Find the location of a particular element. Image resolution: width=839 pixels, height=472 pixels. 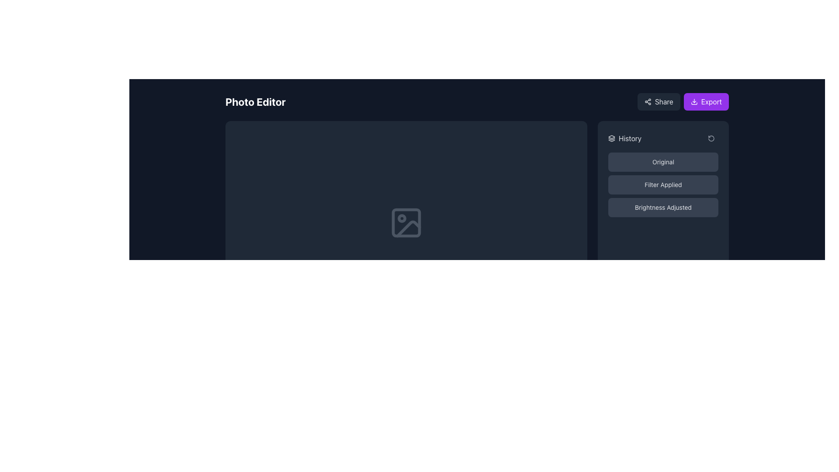

the rotate counter-clockwise icon located in the History section of the interface, positioned towards the top-right, slightly to the right of its sibling element is located at coordinates (711, 138).